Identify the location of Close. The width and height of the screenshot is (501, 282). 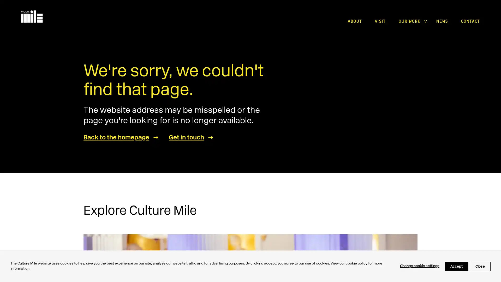
(480, 266).